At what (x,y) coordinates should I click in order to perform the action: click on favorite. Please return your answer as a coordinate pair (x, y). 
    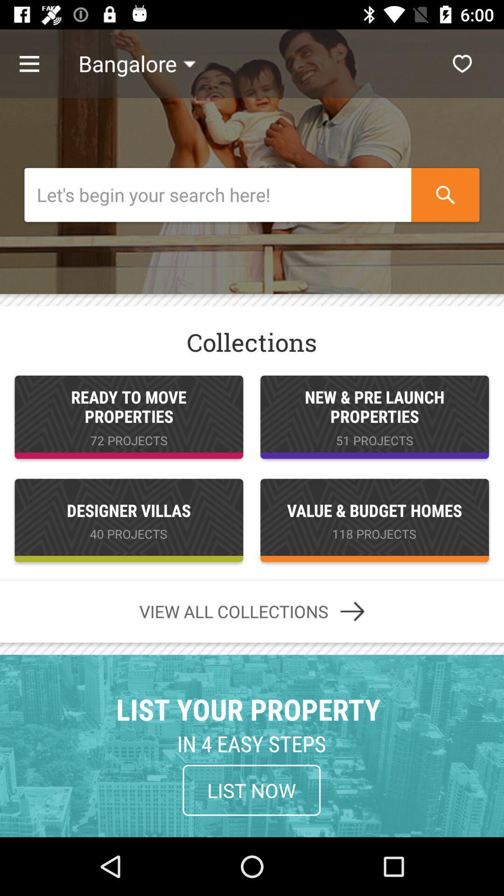
    Looking at the image, I should click on (462, 63).